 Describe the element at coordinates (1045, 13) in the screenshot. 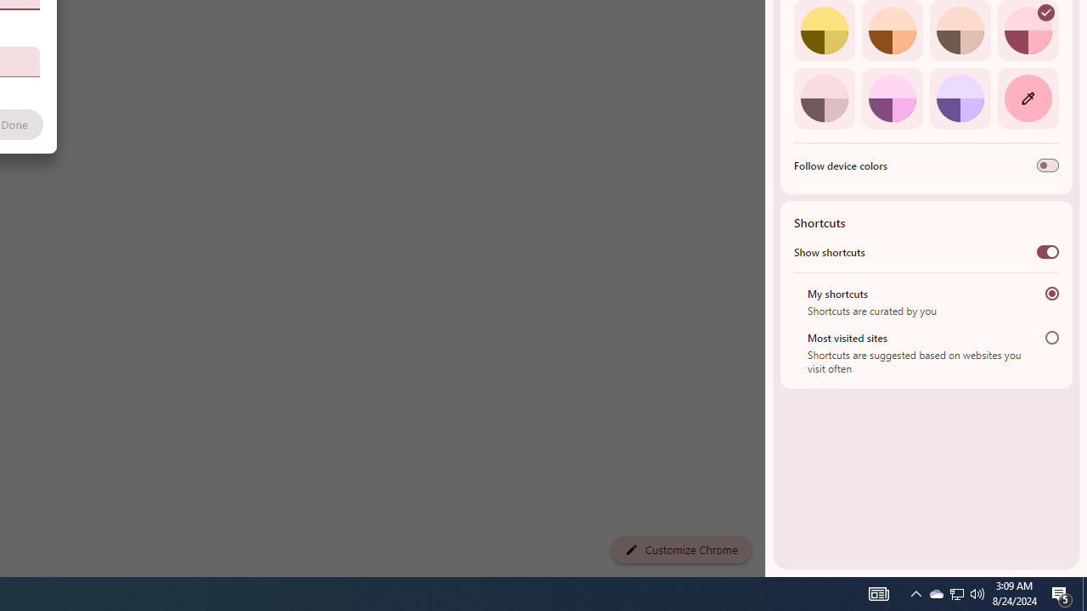

I see `'AutomationID: svg'` at that location.